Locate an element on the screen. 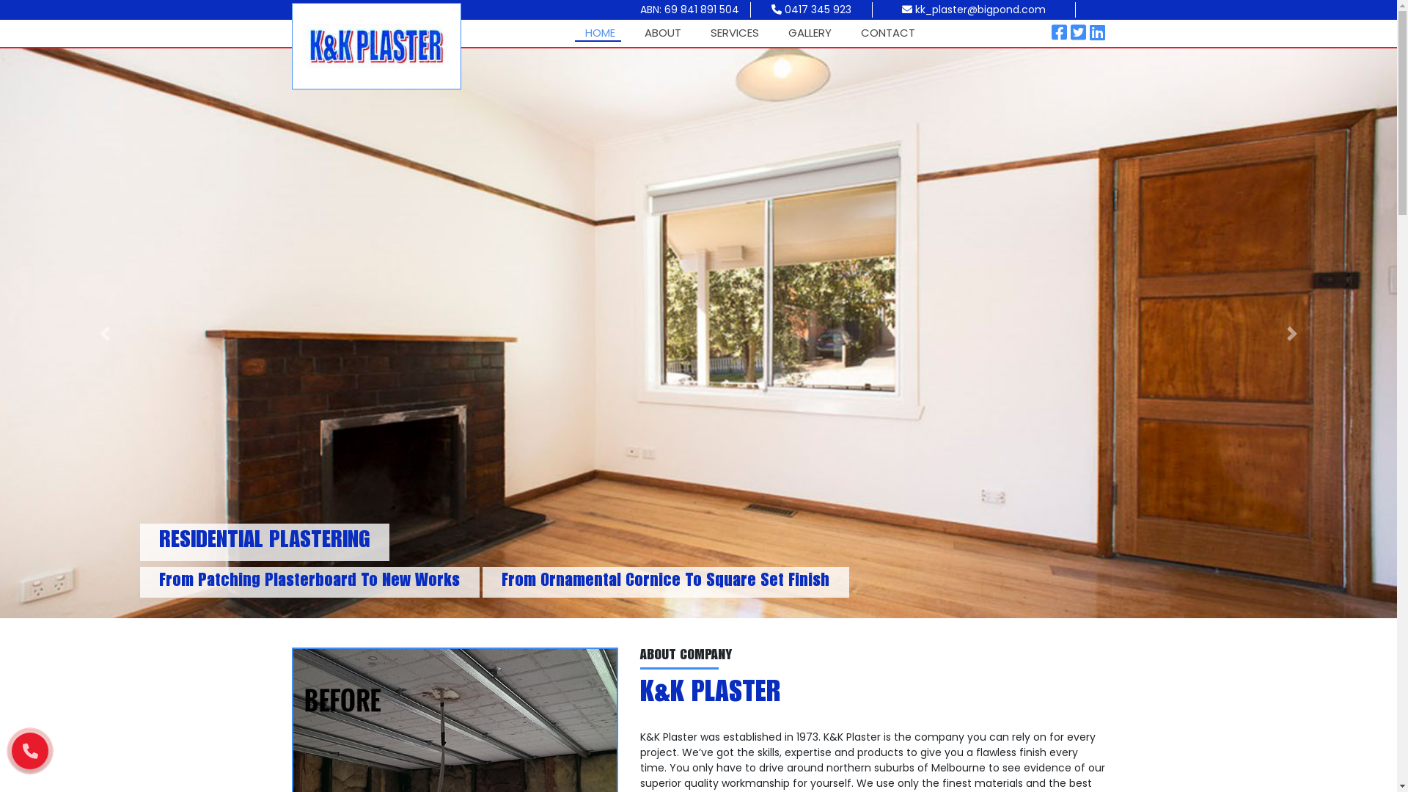  'ABOUT' is located at coordinates (661, 33).